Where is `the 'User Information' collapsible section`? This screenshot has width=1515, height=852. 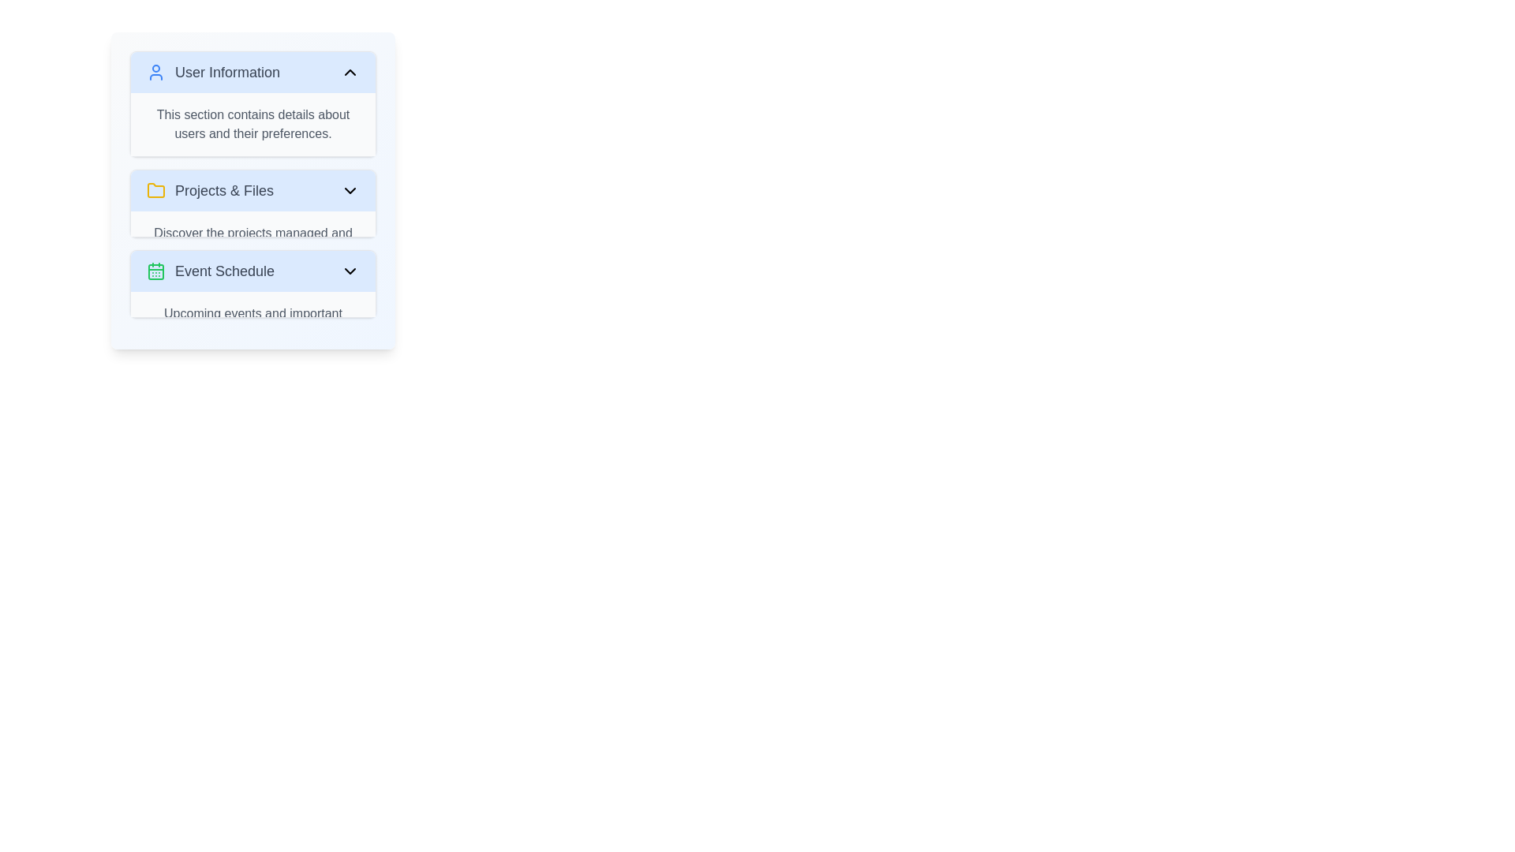 the 'User Information' collapsible section is located at coordinates (253, 103).